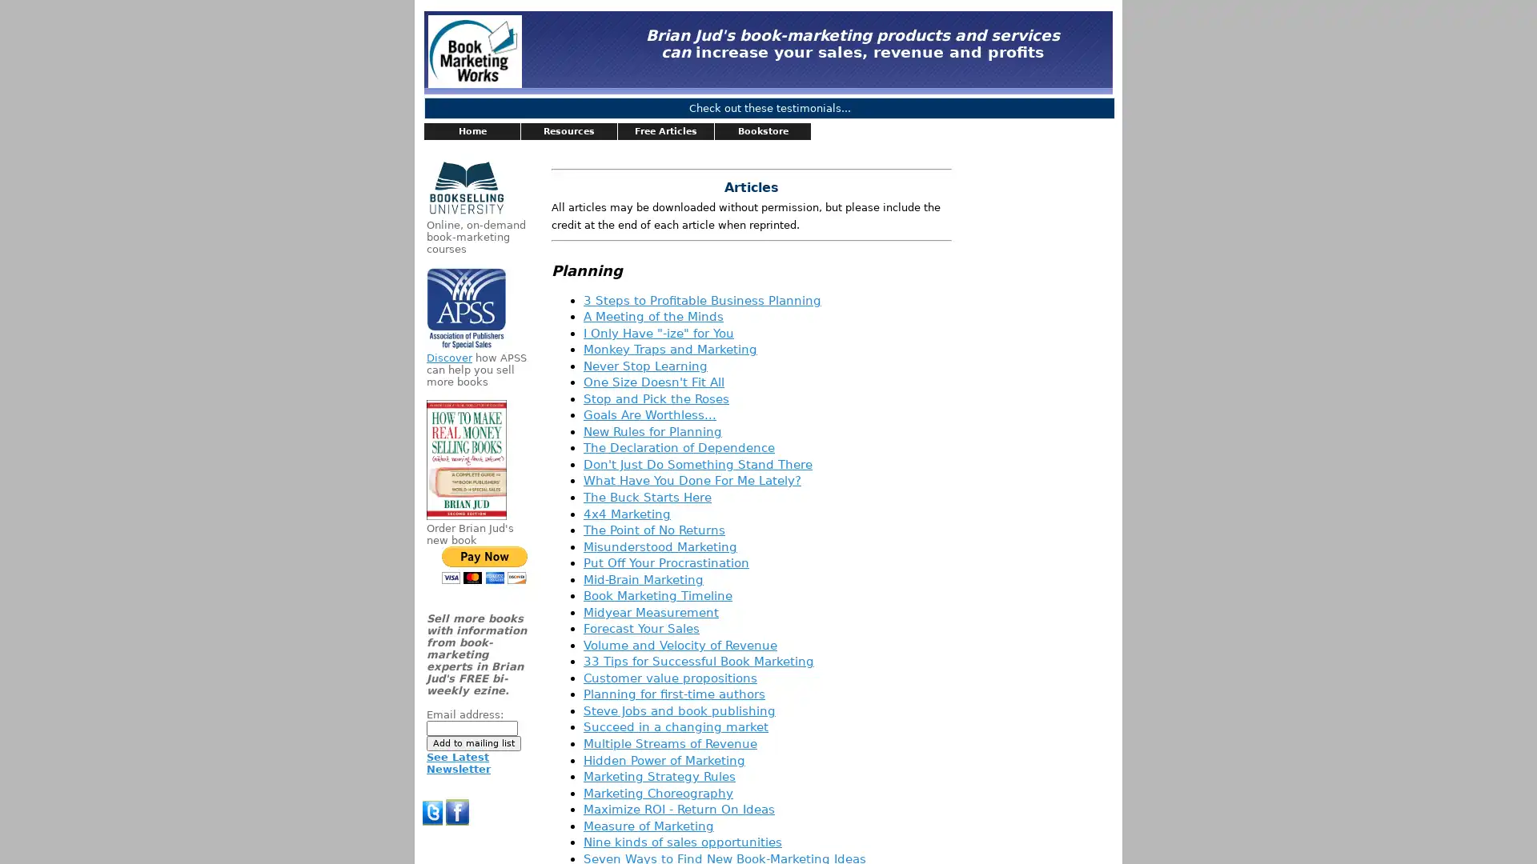 The width and height of the screenshot is (1537, 864). Describe the element at coordinates (483, 577) in the screenshot. I see `PayPal - The safer, easier way to pay online!` at that location.